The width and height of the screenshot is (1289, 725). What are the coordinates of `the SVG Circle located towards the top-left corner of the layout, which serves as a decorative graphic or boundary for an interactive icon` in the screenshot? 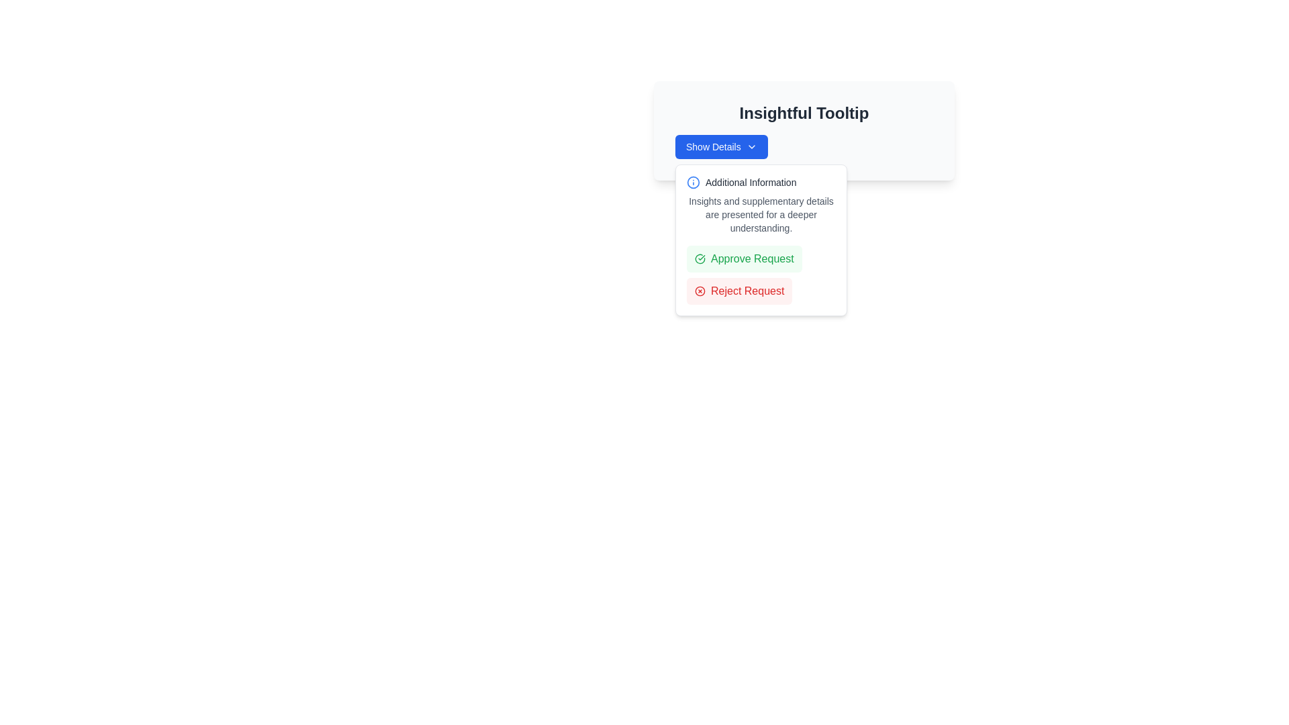 It's located at (699, 291).